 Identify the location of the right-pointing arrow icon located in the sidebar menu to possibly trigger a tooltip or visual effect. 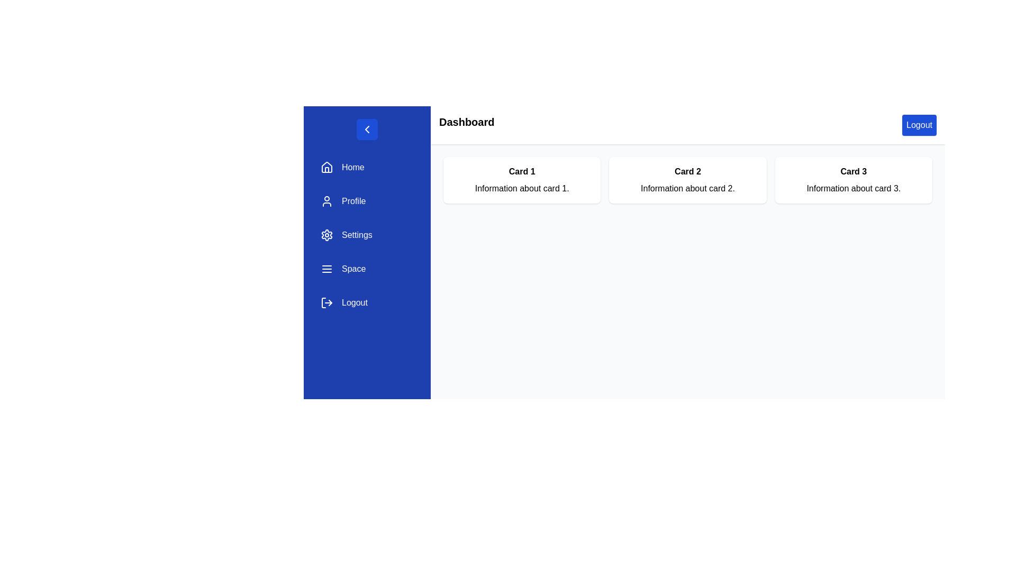
(367, 129).